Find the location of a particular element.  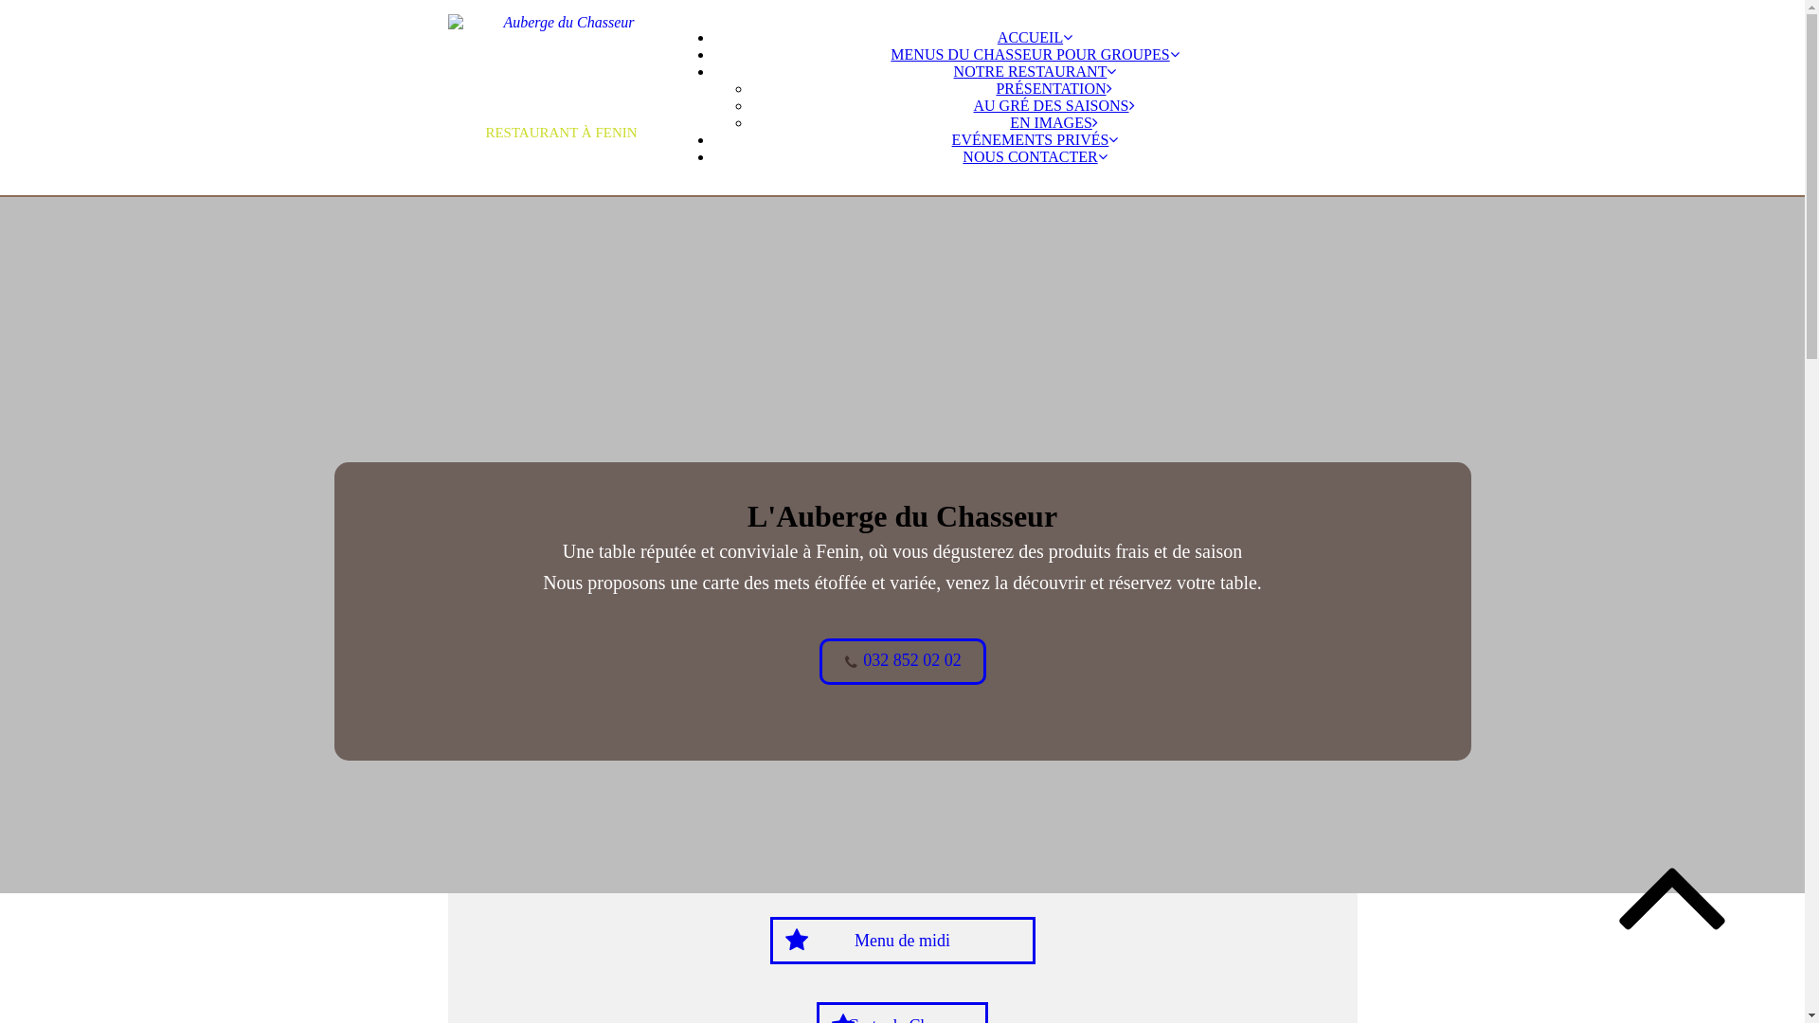

'032 852 02 02' is located at coordinates (819, 660).